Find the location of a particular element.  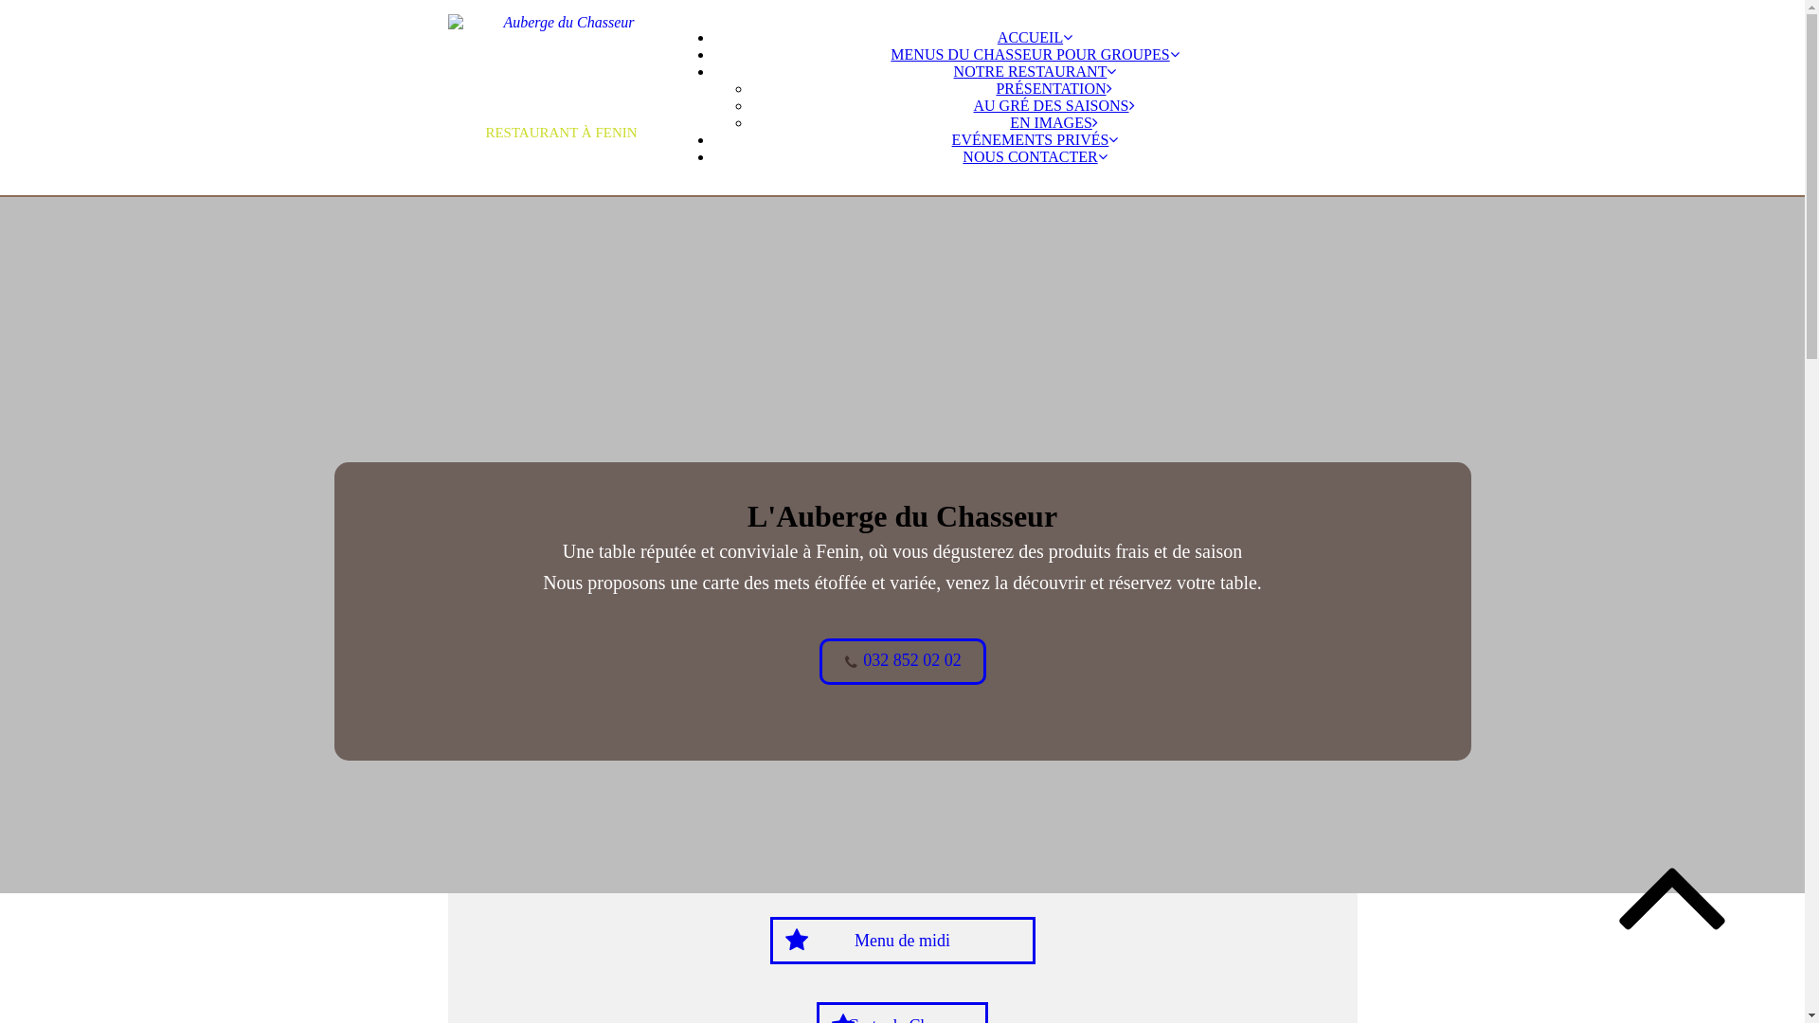

'032 852 02 02' is located at coordinates (819, 660).